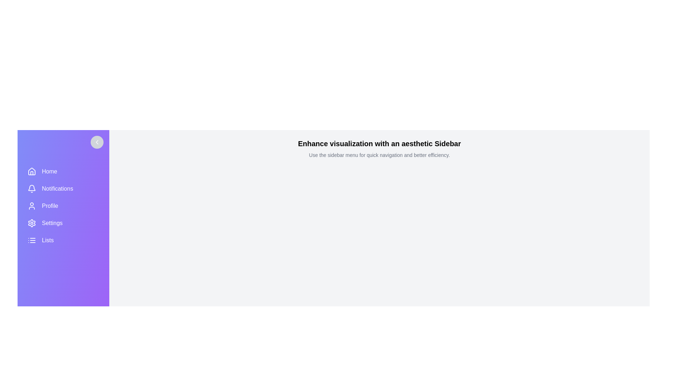 This screenshot has height=387, width=688. What do you see at coordinates (63, 188) in the screenshot?
I see `the menu item Notifications in the sidebar to navigate` at bounding box center [63, 188].